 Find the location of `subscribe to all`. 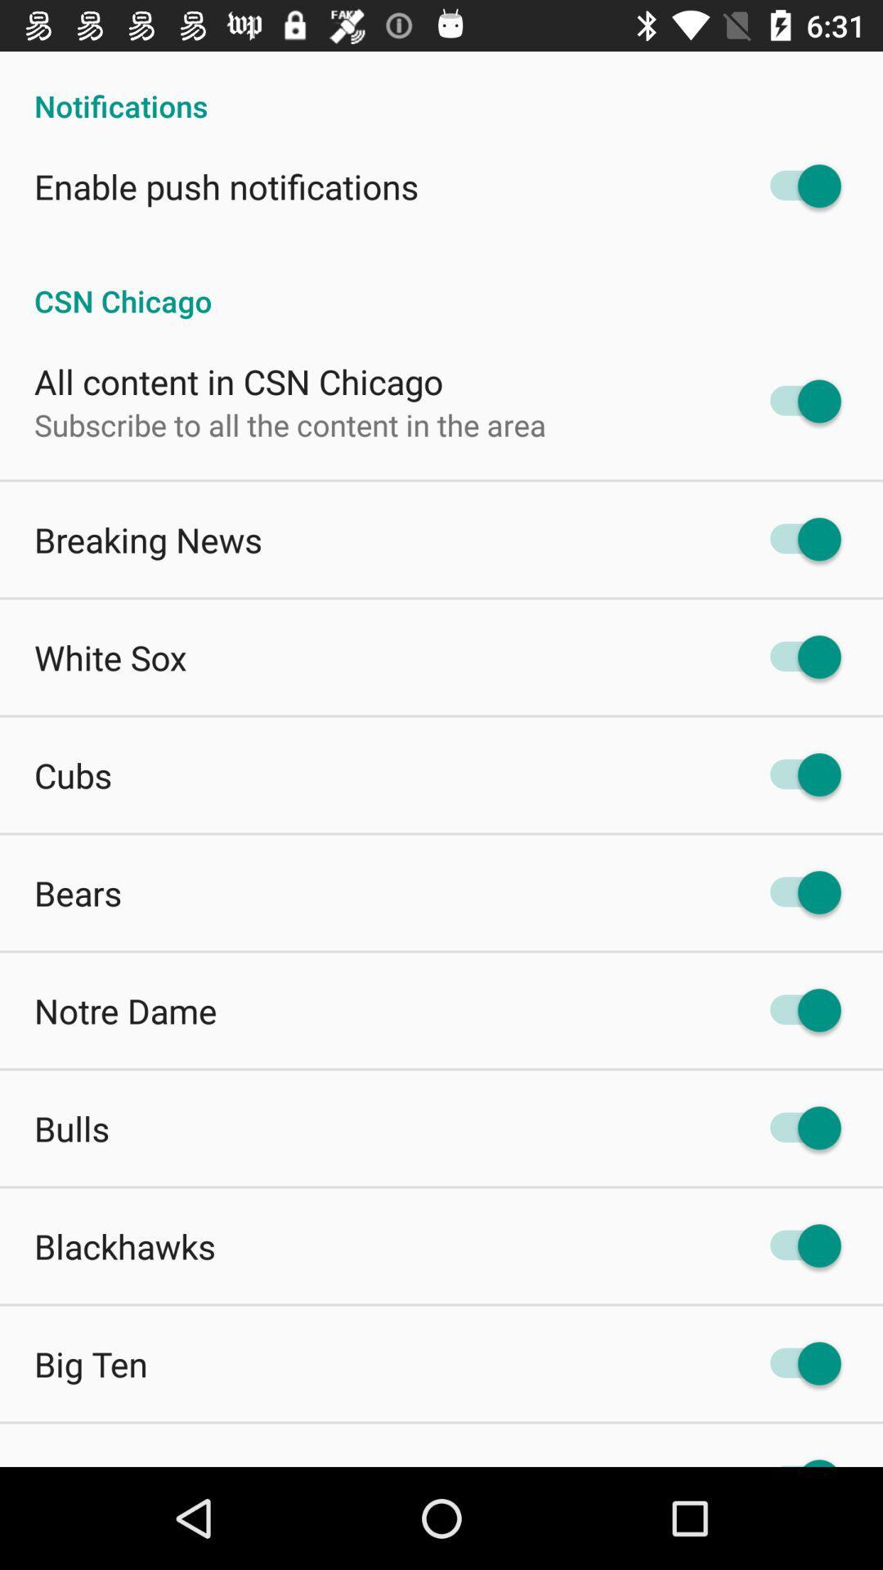

subscribe to all is located at coordinates (289, 424).